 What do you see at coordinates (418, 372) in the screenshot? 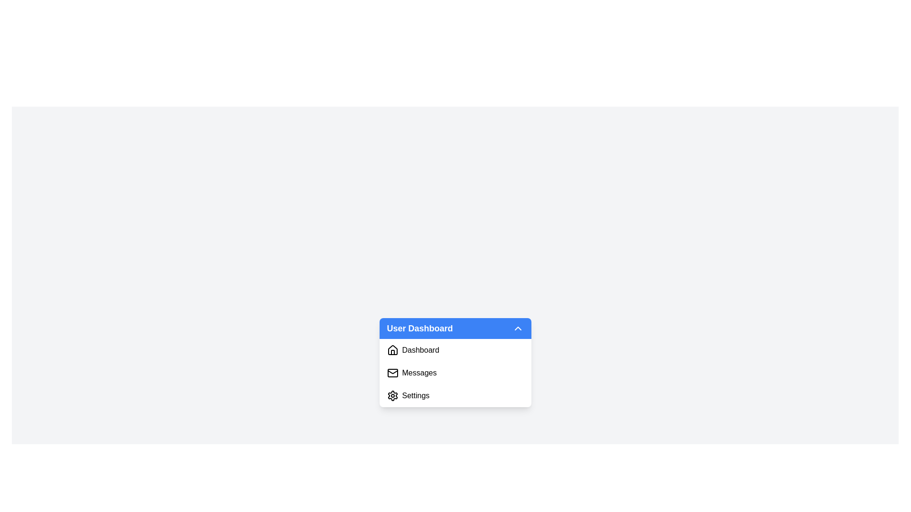
I see `the 'Messages' text label in the user interface menu` at bounding box center [418, 372].